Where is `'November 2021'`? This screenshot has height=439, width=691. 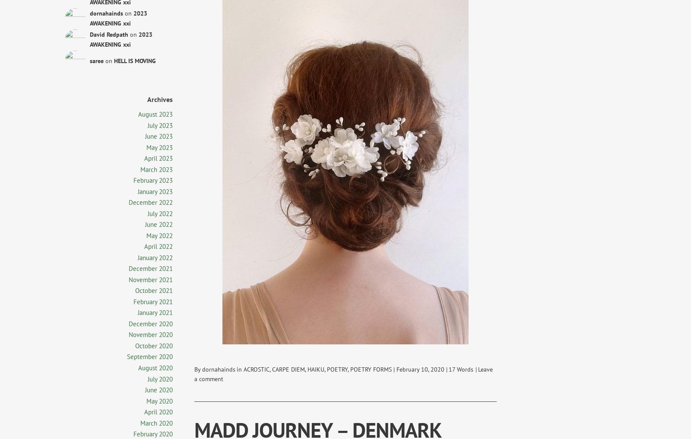
'November 2021' is located at coordinates (150, 279).